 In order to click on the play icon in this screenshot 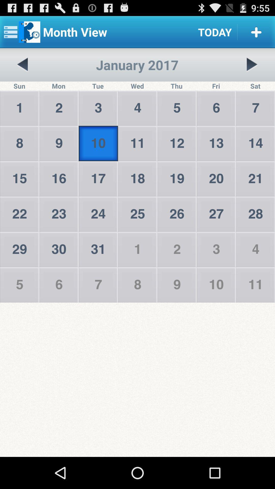, I will do `click(252, 69)`.